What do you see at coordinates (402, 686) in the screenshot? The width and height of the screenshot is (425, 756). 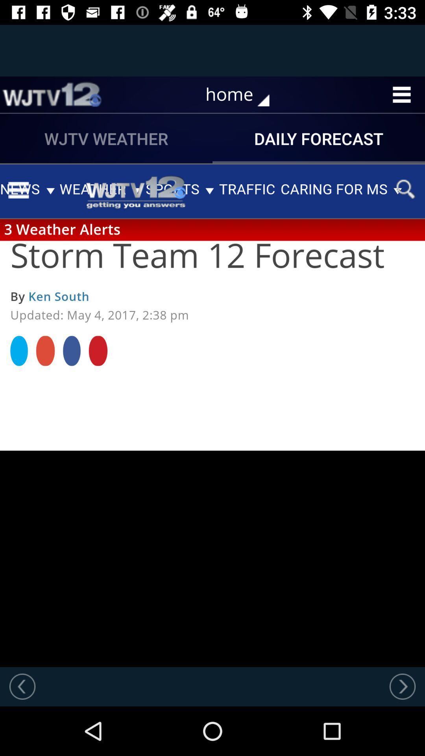 I see `go next` at bounding box center [402, 686].